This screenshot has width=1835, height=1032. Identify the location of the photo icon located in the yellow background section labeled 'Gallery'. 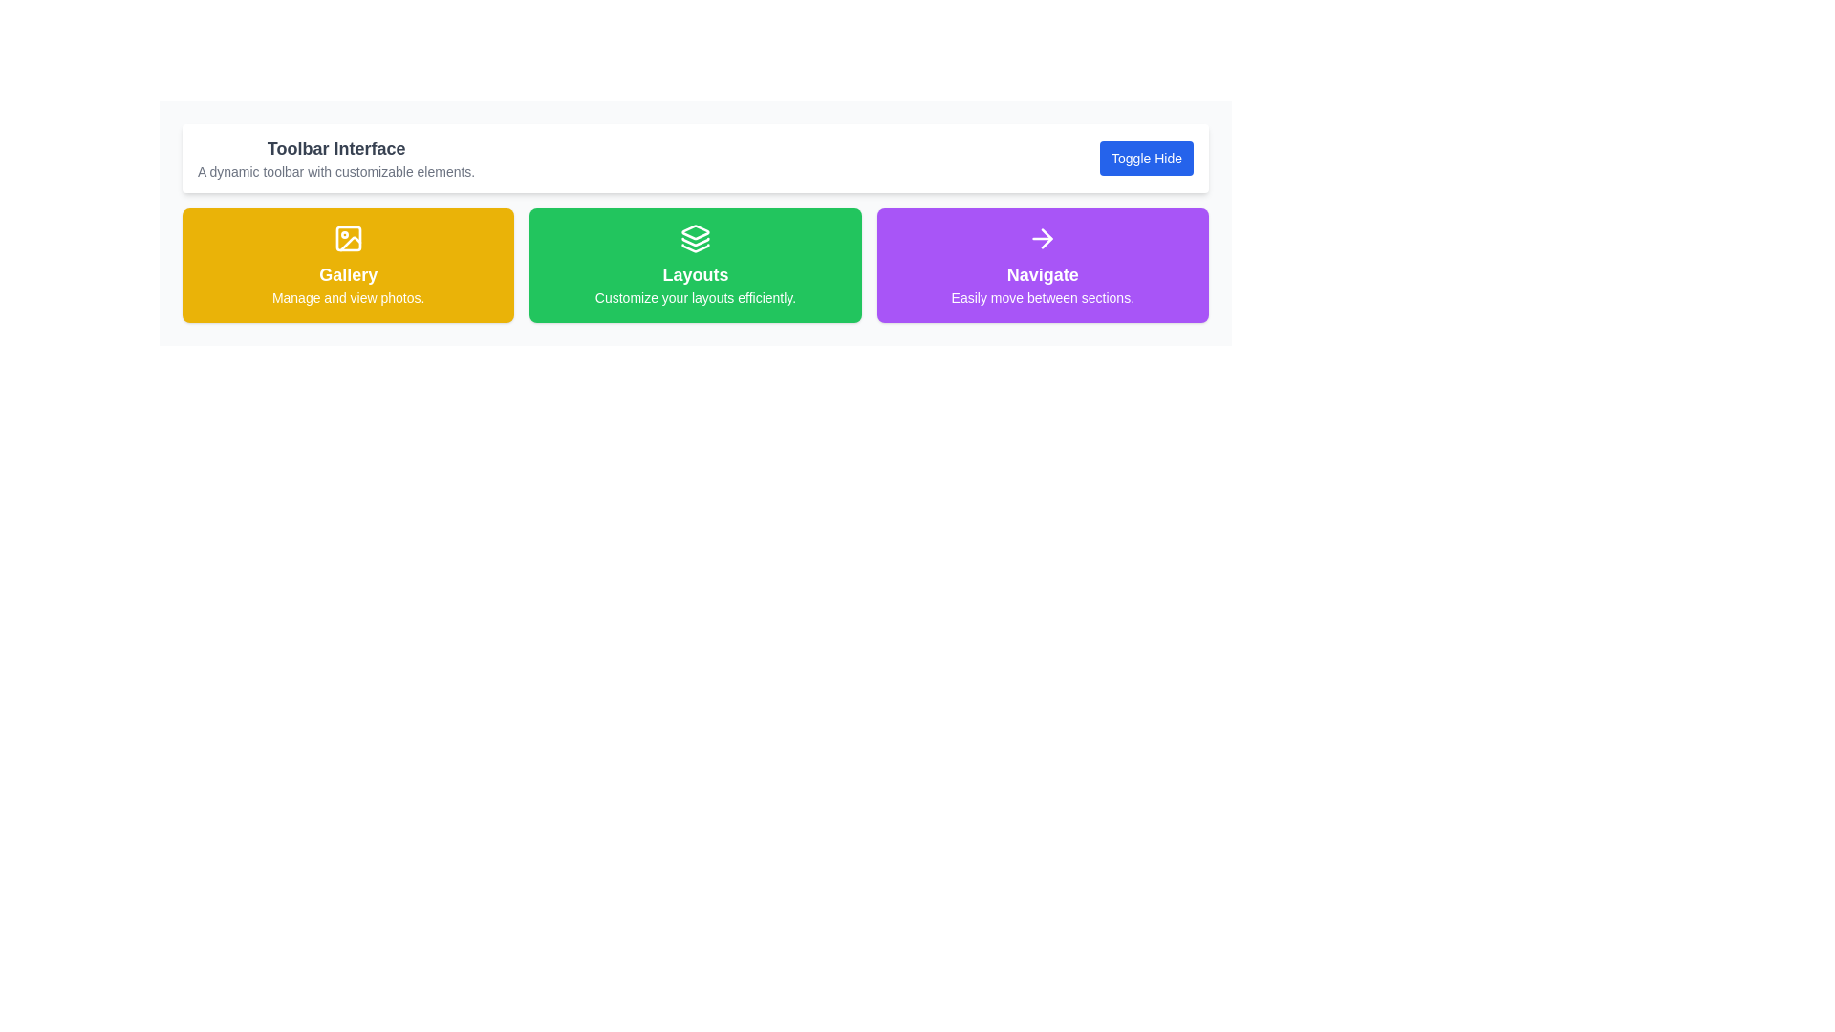
(348, 238).